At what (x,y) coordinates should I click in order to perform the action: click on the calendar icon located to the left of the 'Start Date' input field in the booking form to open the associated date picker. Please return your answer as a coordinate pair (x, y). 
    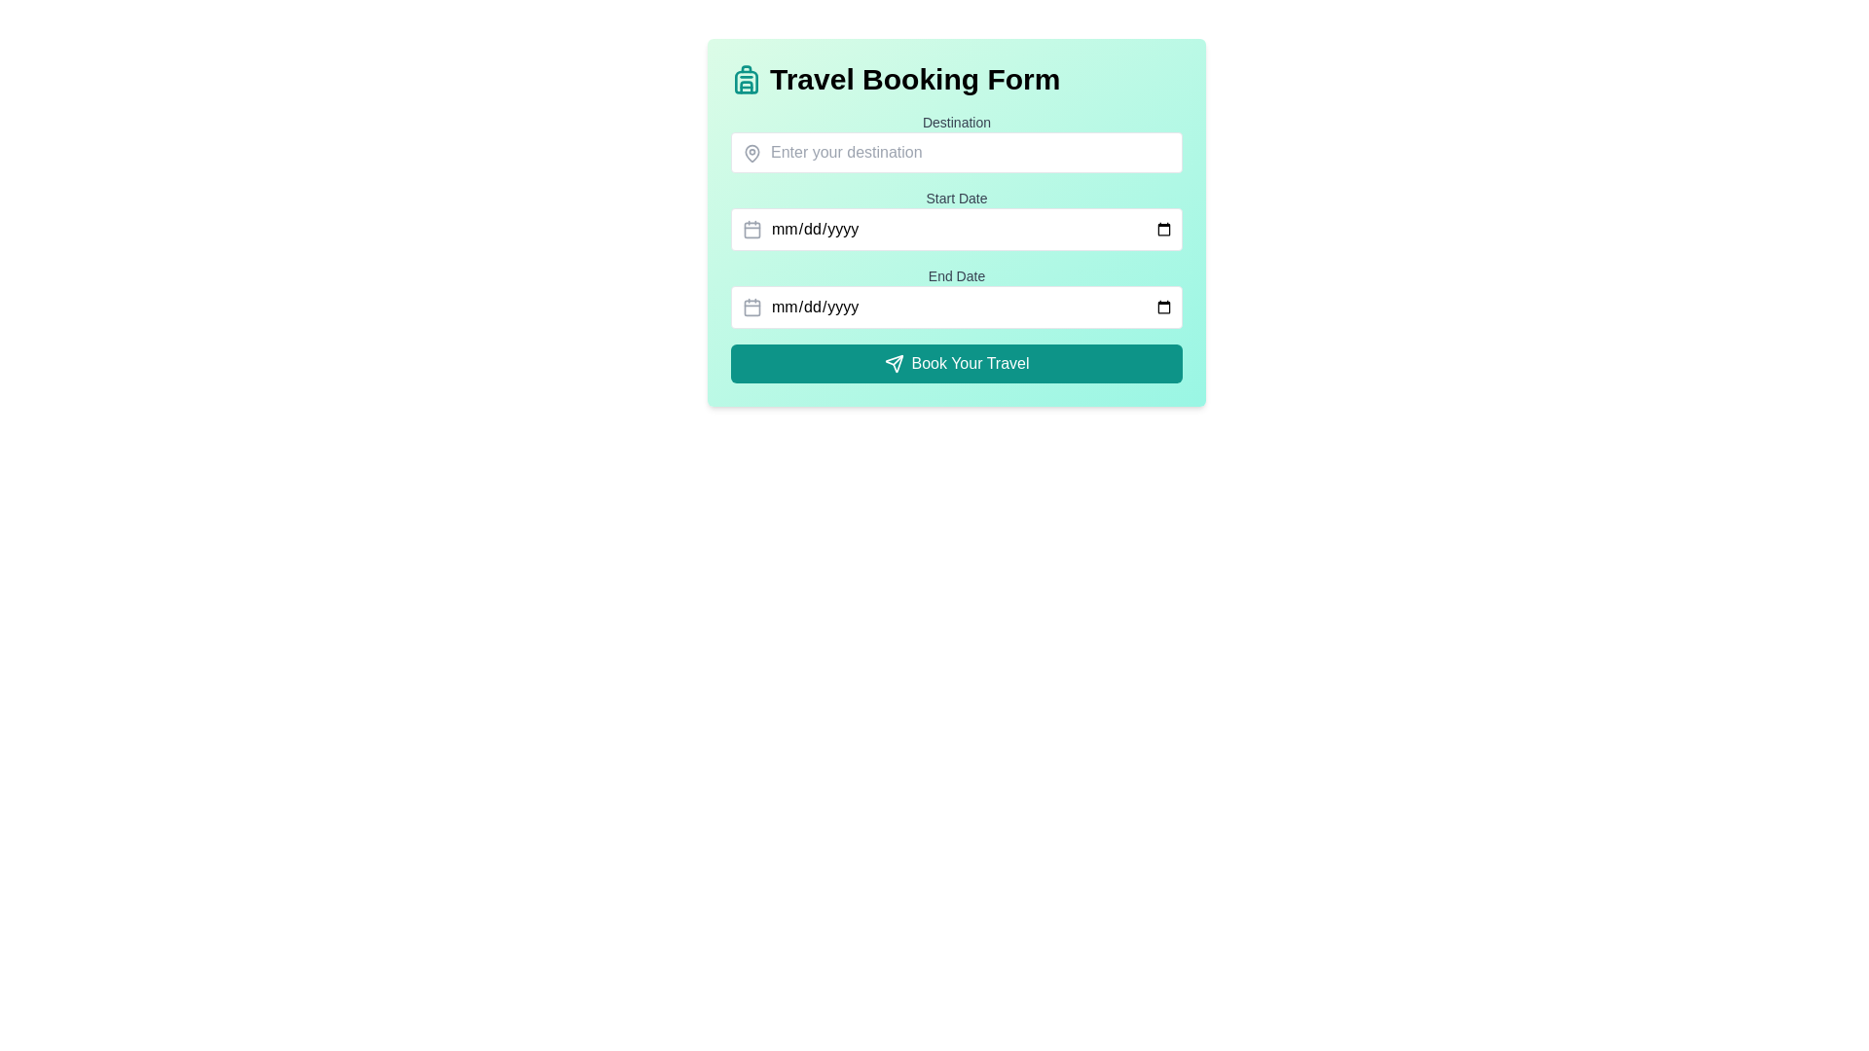
    Looking at the image, I should click on (751, 228).